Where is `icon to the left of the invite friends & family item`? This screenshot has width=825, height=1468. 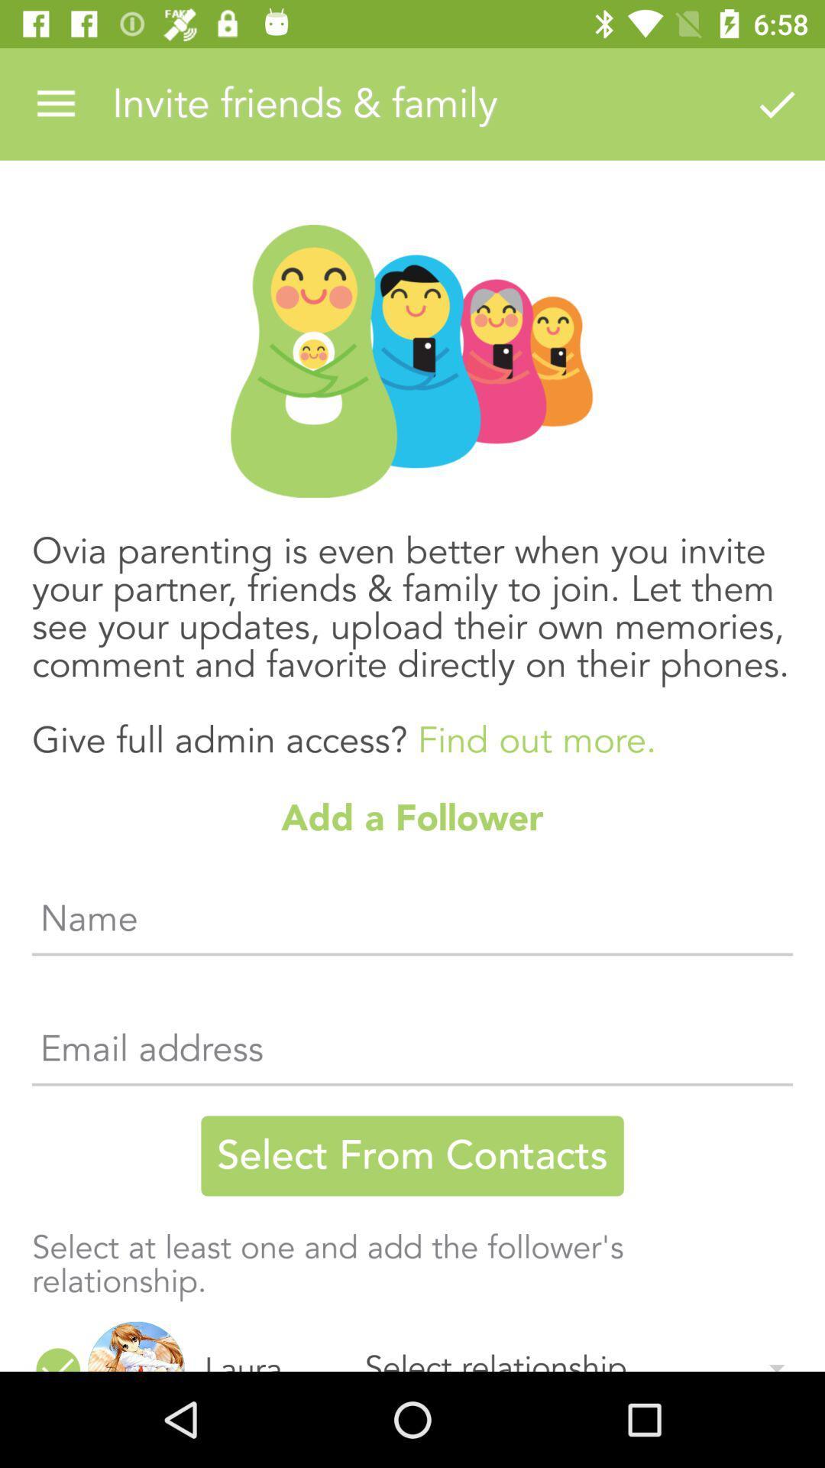
icon to the left of the invite friends & family item is located at coordinates (55, 103).